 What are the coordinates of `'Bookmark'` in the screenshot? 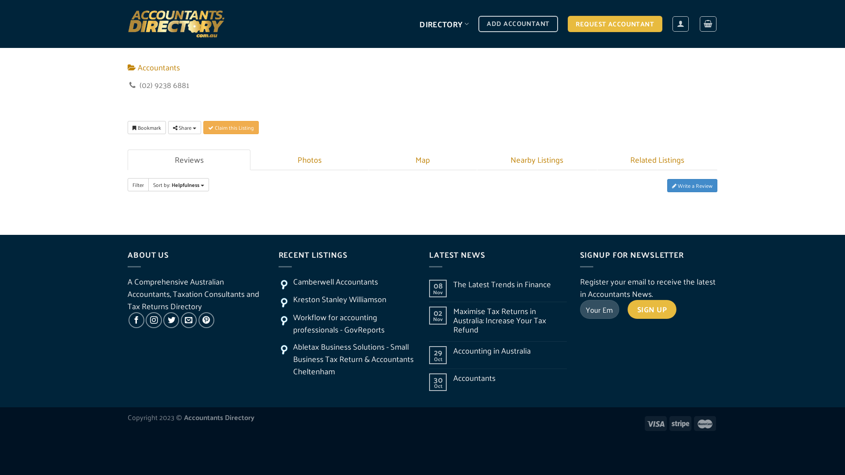 It's located at (147, 127).